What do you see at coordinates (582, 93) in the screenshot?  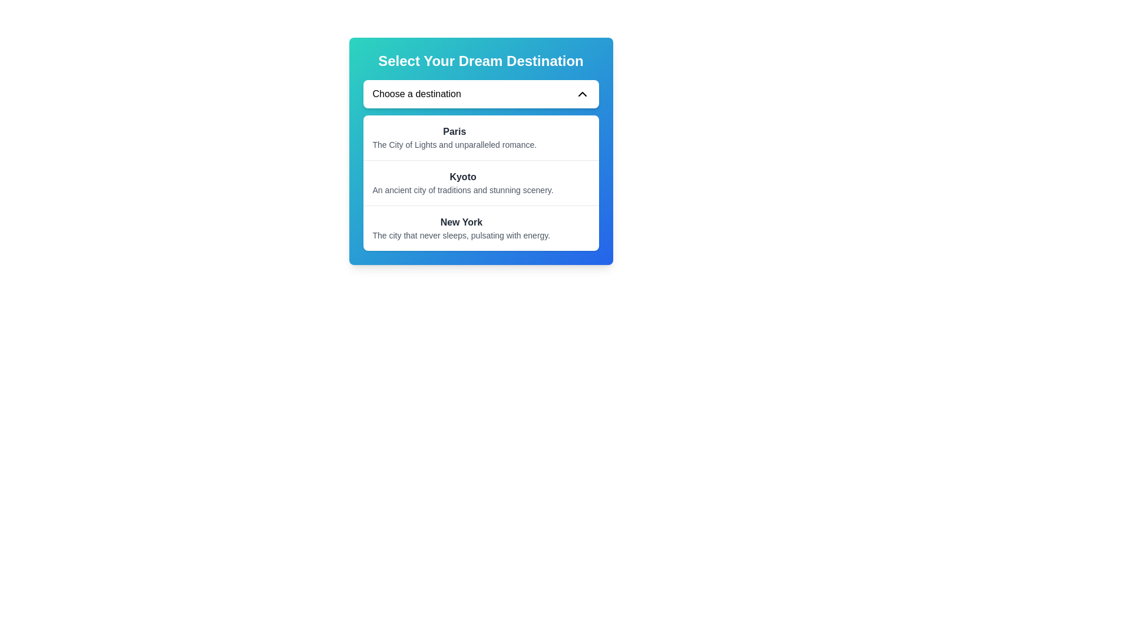 I see `the downward-pointing arrow icon located on the right side of the 'Choose a destination' dropdown` at bounding box center [582, 93].